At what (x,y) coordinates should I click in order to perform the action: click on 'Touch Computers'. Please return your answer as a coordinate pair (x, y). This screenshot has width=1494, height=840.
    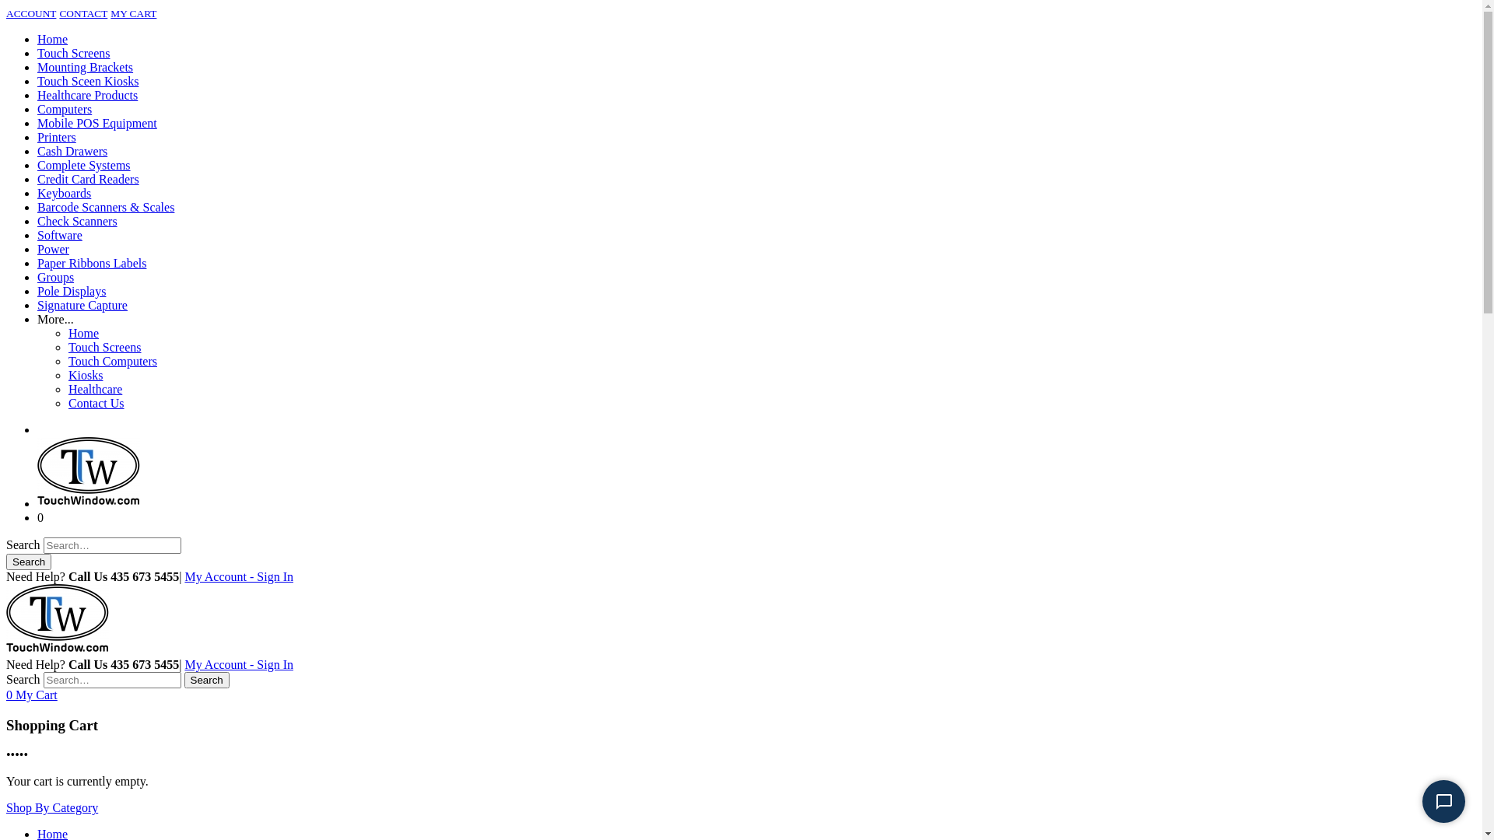
    Looking at the image, I should click on (111, 361).